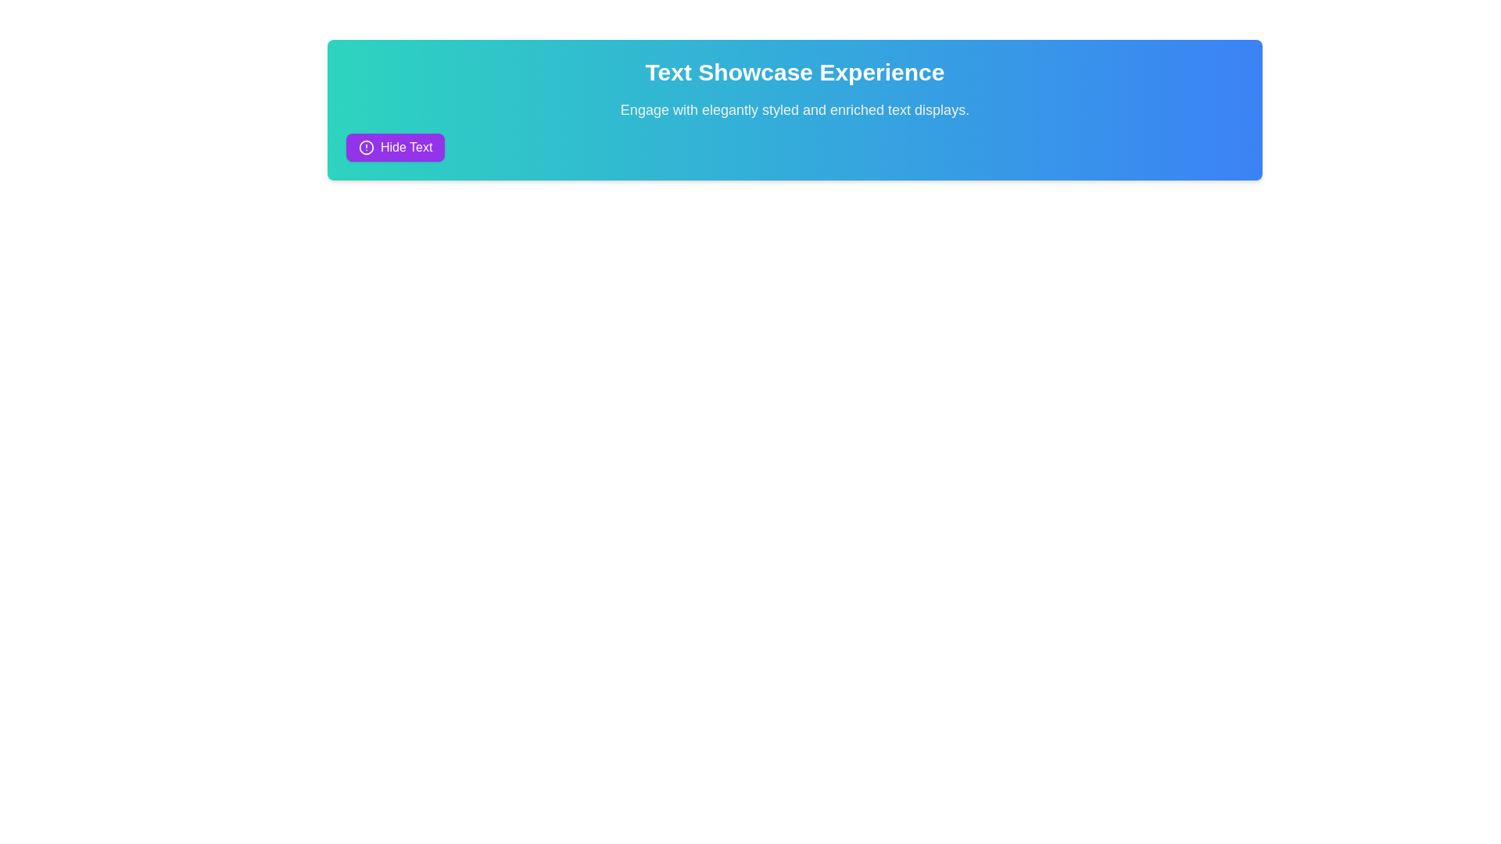  Describe the element at coordinates (366, 148) in the screenshot. I see `the alert or notification indicator icon located on the left side of the 'Hide Text' button, which provides context related to the button's action` at that location.